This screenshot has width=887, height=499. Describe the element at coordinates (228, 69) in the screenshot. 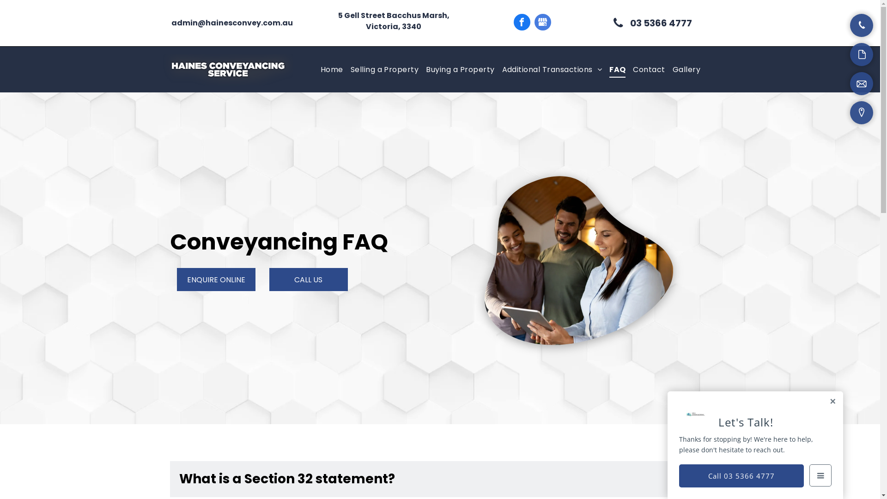

I see `'Haines Conveyancing'` at that location.